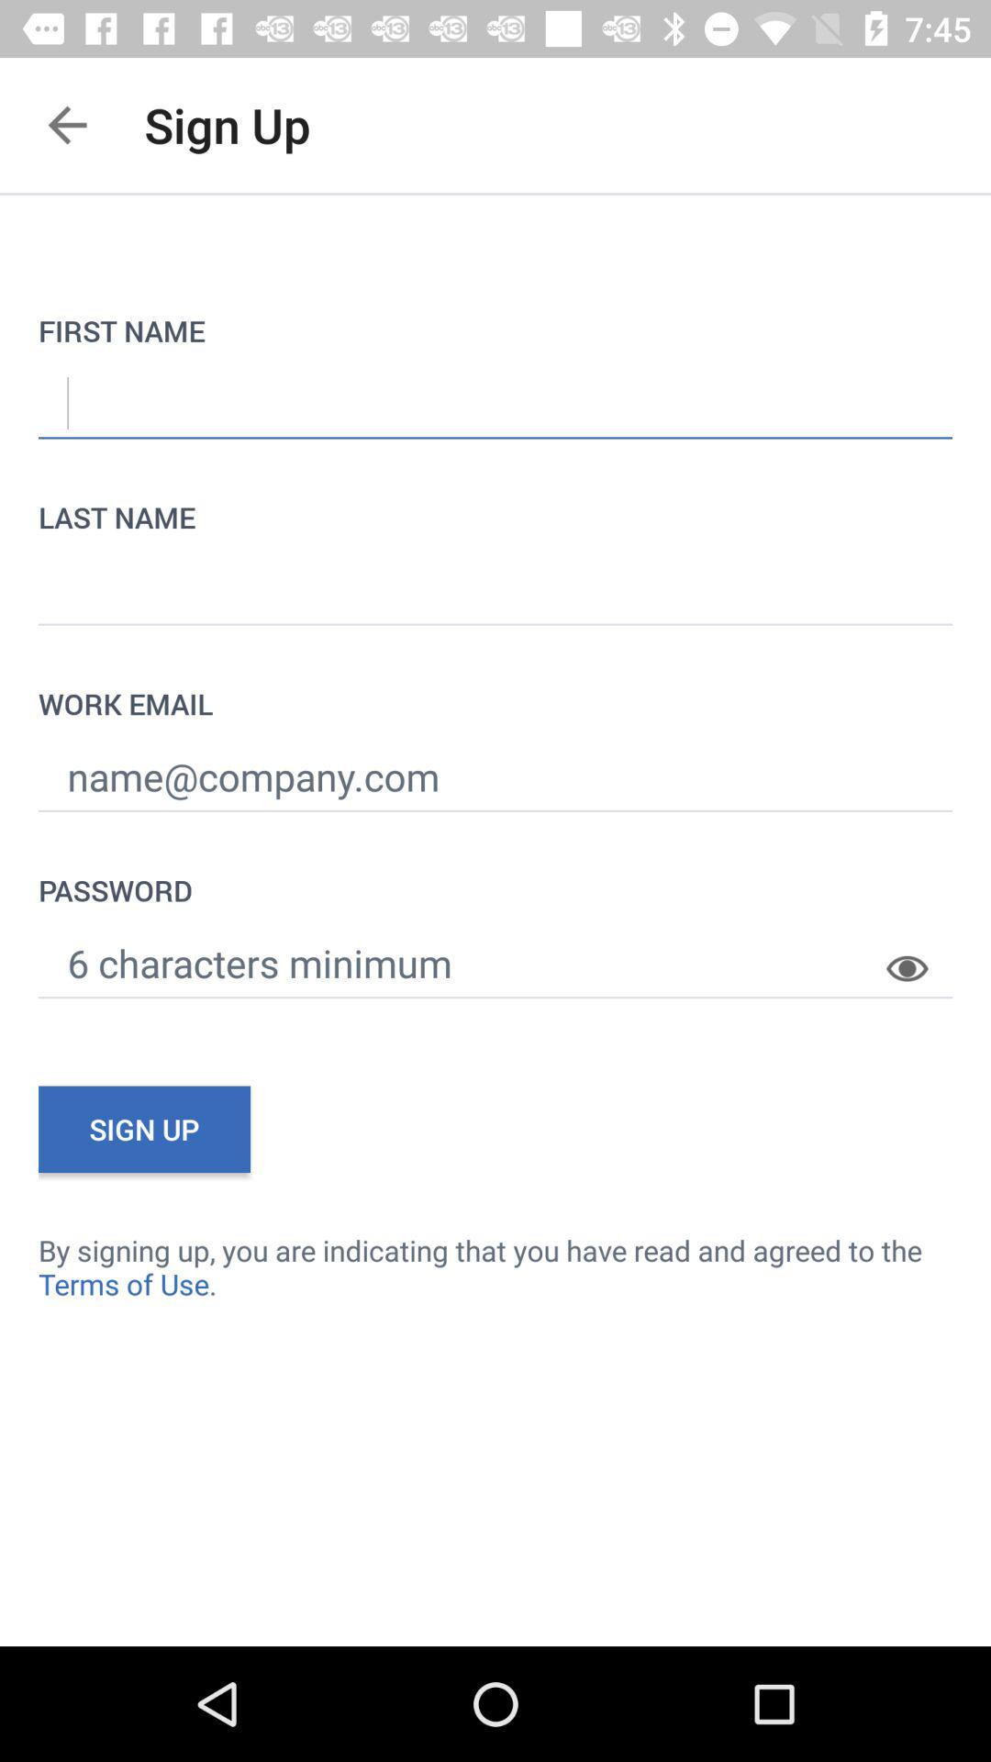 Image resolution: width=991 pixels, height=1762 pixels. Describe the element at coordinates (919, 953) in the screenshot. I see `the item above by signing up item` at that location.